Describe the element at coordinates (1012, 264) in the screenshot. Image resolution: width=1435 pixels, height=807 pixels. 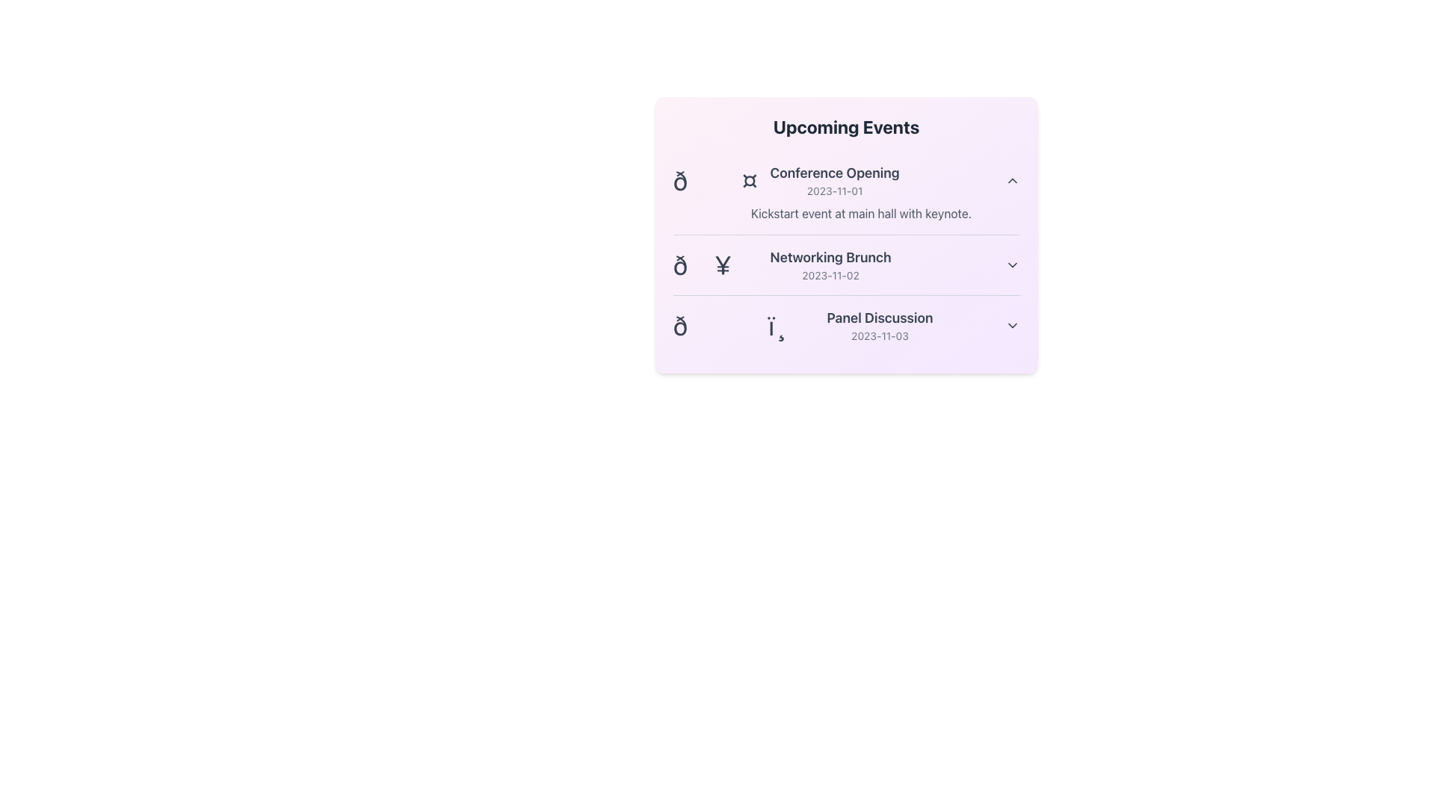
I see `the Chevron Icon located to the far-right side of the 'Networking Brunch' event details` at that location.